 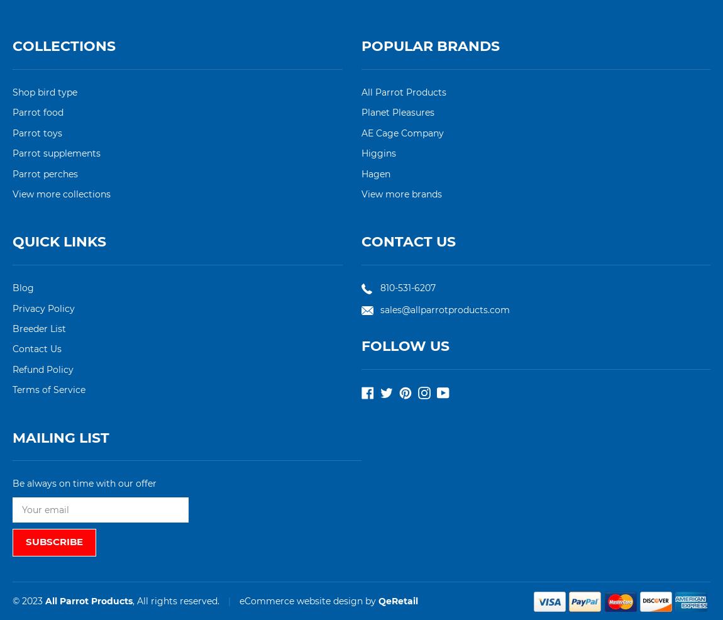 What do you see at coordinates (407, 241) in the screenshot?
I see `'Contact us'` at bounding box center [407, 241].